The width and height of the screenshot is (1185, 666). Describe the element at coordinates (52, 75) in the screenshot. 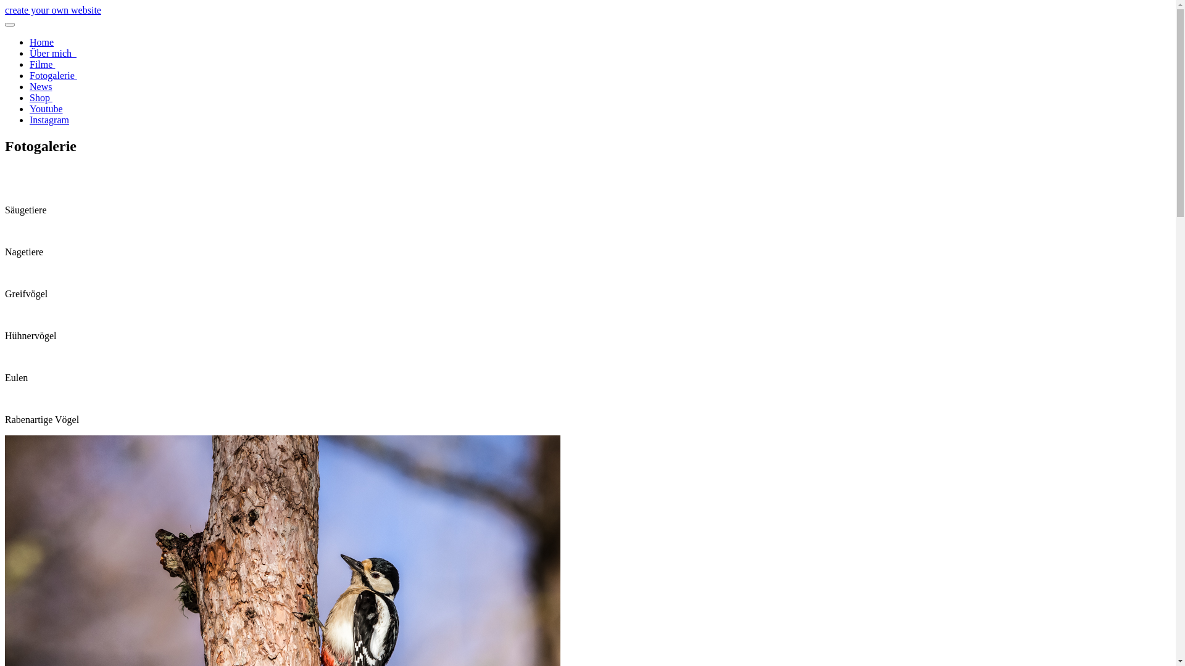

I see `'Fotogalerie '` at that location.